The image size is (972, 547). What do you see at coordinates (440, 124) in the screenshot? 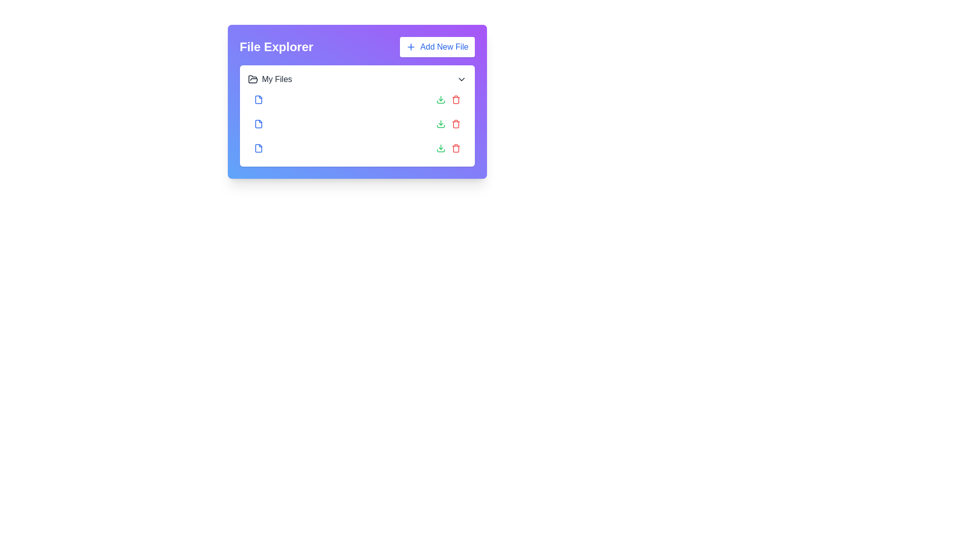
I see `the green download button/icon, which features a downward arrow and is located in the second row of the file explorer interface, to initiate the download` at bounding box center [440, 124].